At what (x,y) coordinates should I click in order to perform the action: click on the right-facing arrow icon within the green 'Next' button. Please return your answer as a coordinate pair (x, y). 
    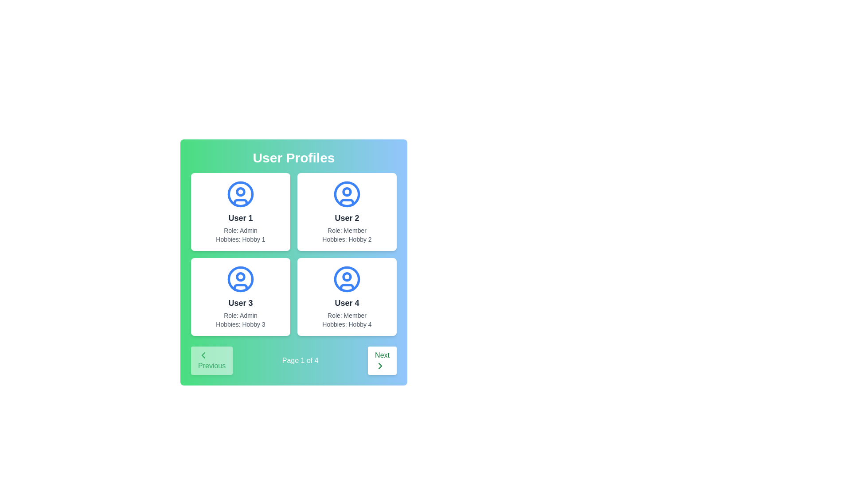
    Looking at the image, I should click on (380, 366).